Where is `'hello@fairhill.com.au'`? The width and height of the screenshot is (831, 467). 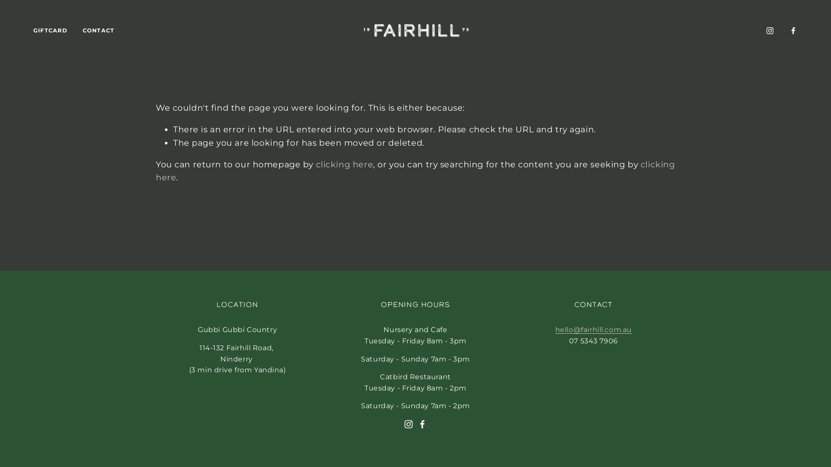
'hello@fairhill.com.au' is located at coordinates (555, 330).